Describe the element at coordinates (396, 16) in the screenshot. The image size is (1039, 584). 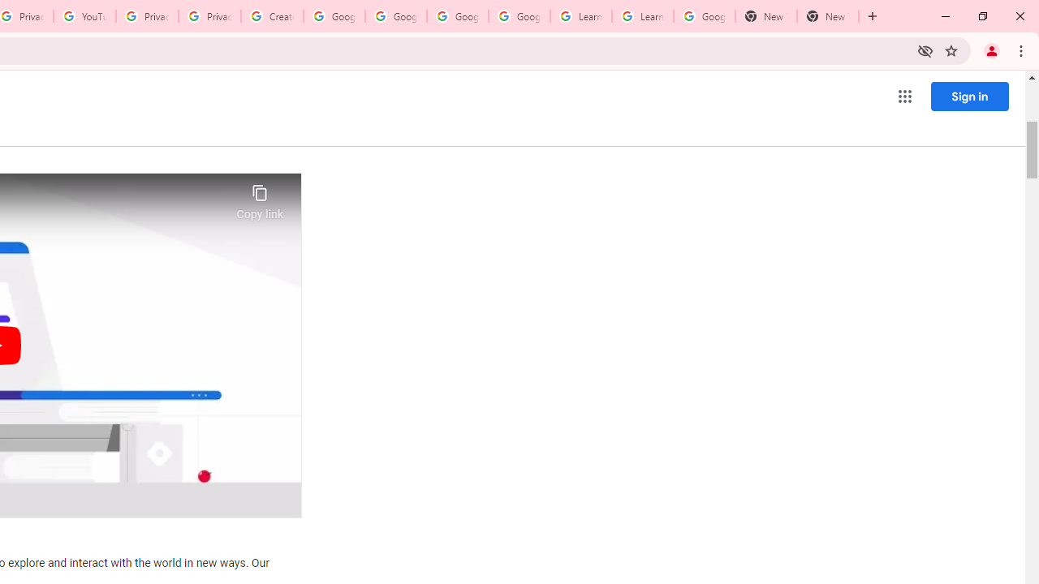
I see `'Google Account Help'` at that location.